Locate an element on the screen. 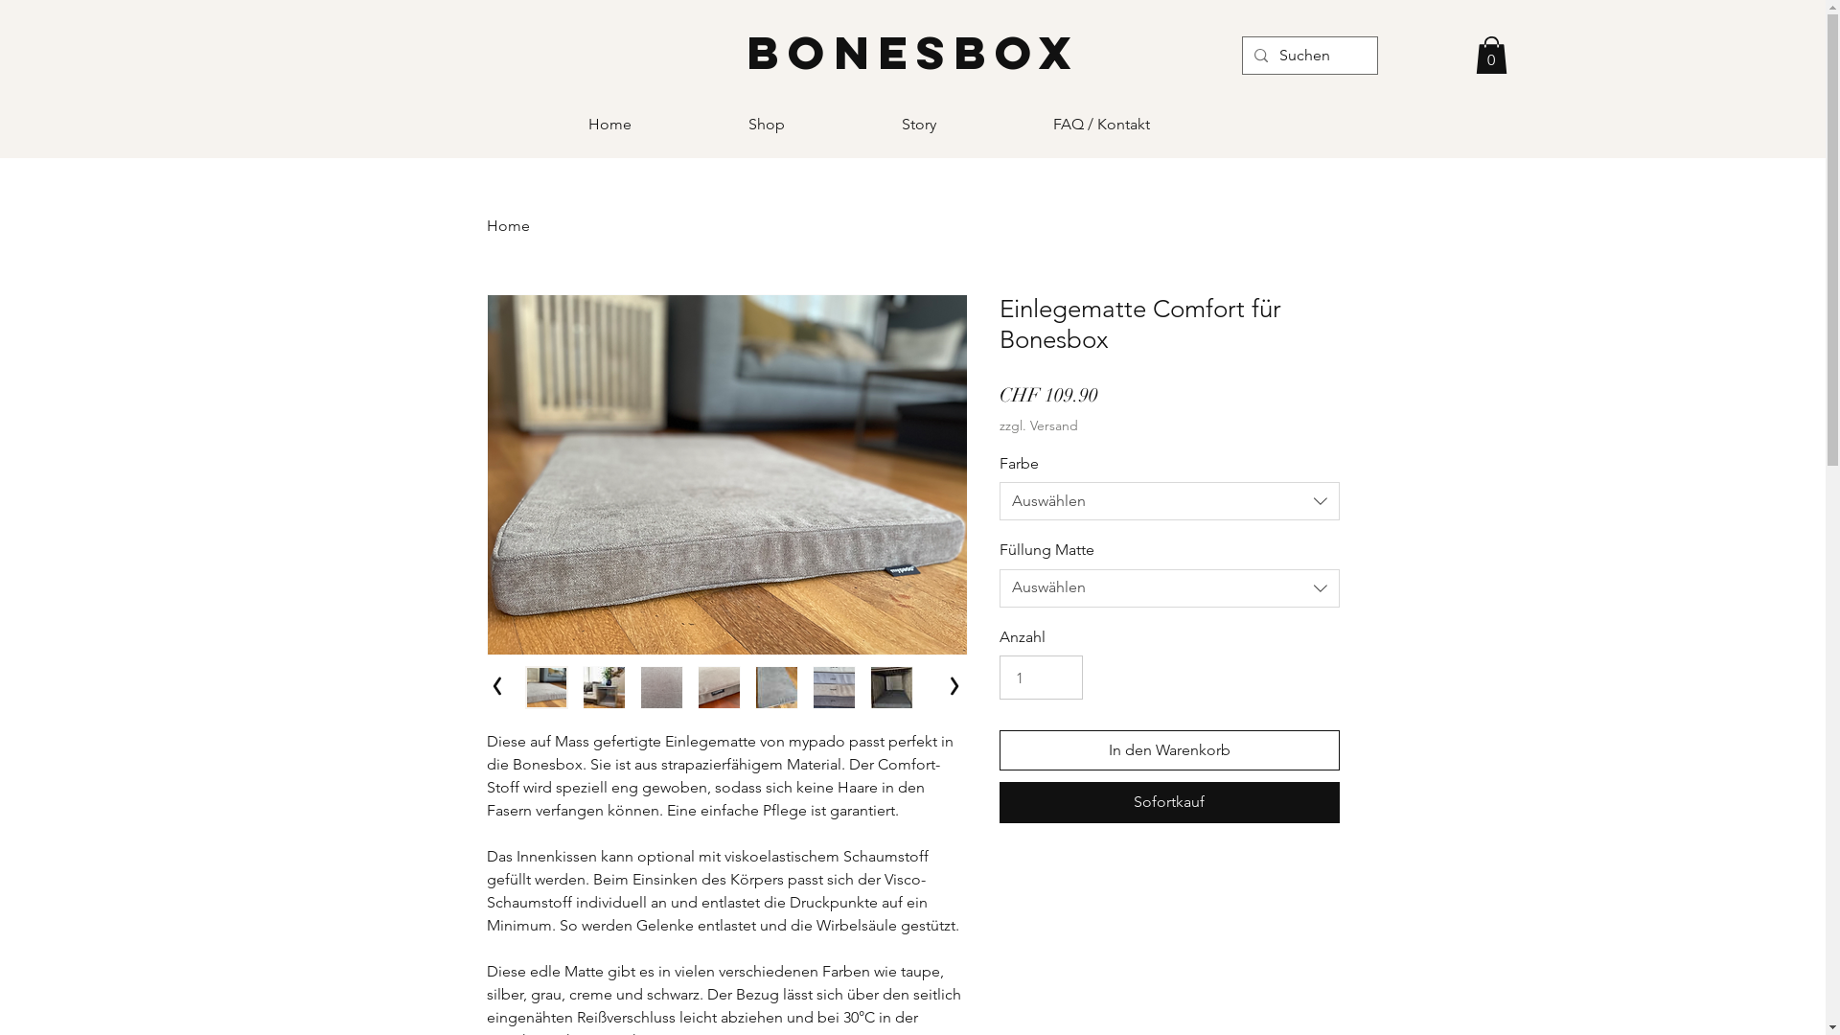 The image size is (1840, 1035). 'Shop' is located at coordinates (810, 125).